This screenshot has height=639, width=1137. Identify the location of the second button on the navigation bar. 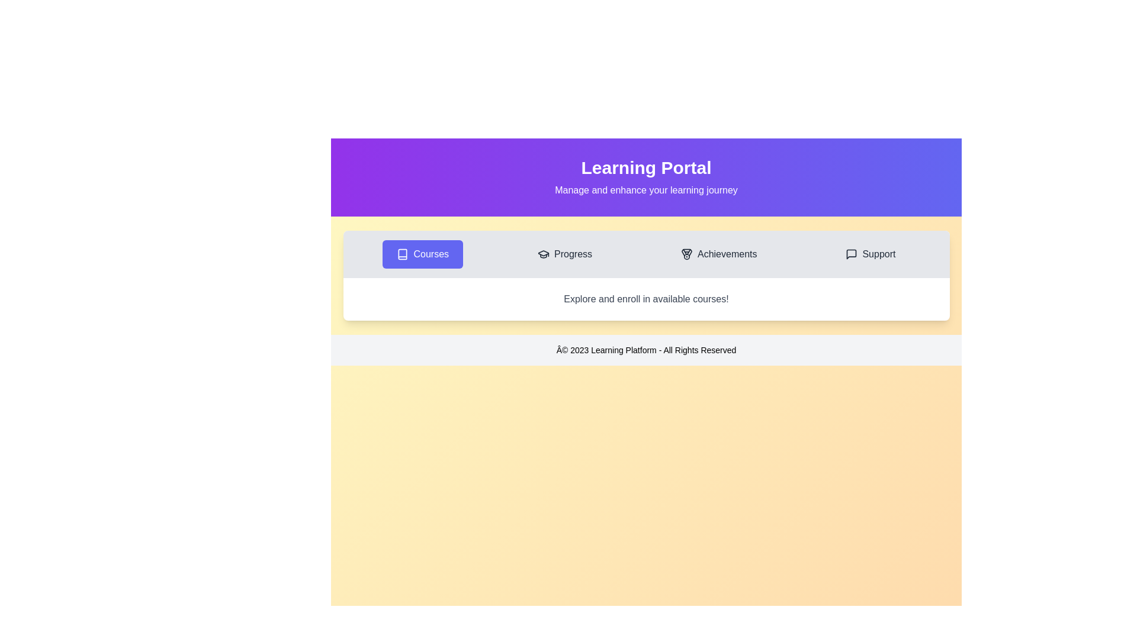
(564, 253).